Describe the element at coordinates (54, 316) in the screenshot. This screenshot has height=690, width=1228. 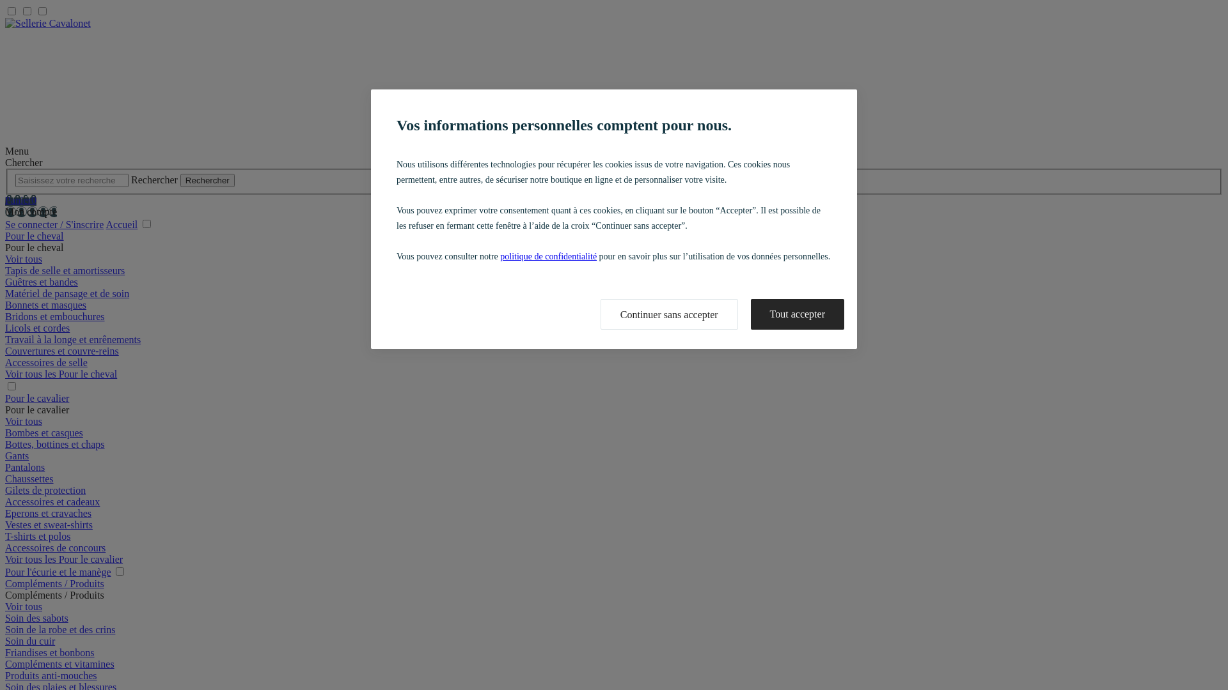
I see `'Bridons et embouchures'` at that location.